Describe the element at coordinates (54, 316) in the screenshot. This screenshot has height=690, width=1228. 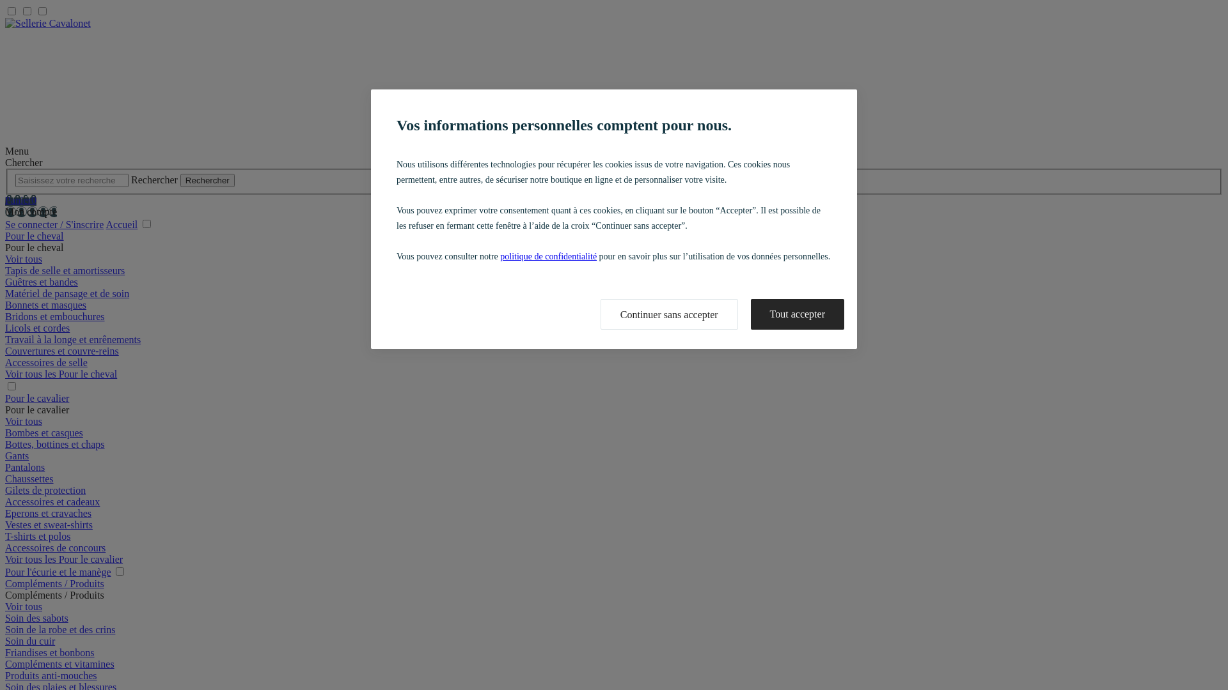
I see `'Bridons et embouchures'` at that location.